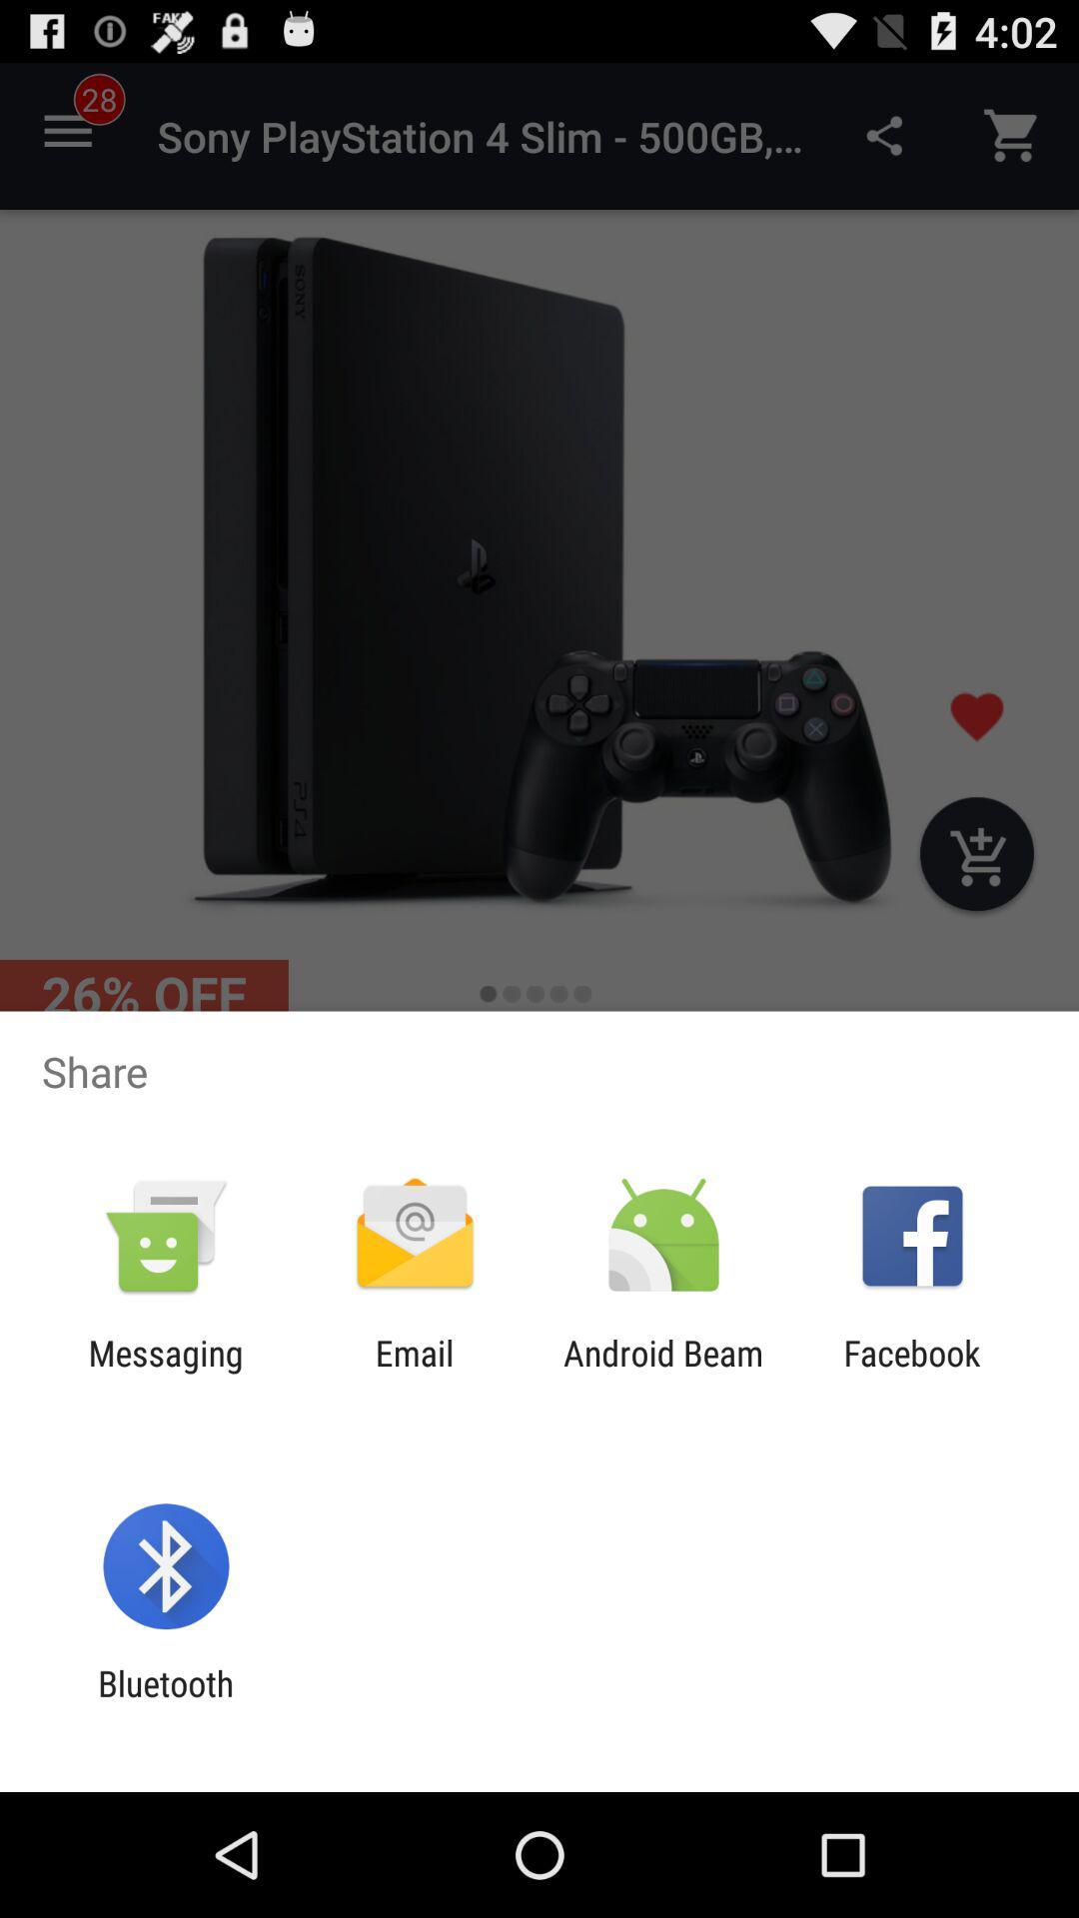  I want to click on android beam icon, so click(663, 1373).